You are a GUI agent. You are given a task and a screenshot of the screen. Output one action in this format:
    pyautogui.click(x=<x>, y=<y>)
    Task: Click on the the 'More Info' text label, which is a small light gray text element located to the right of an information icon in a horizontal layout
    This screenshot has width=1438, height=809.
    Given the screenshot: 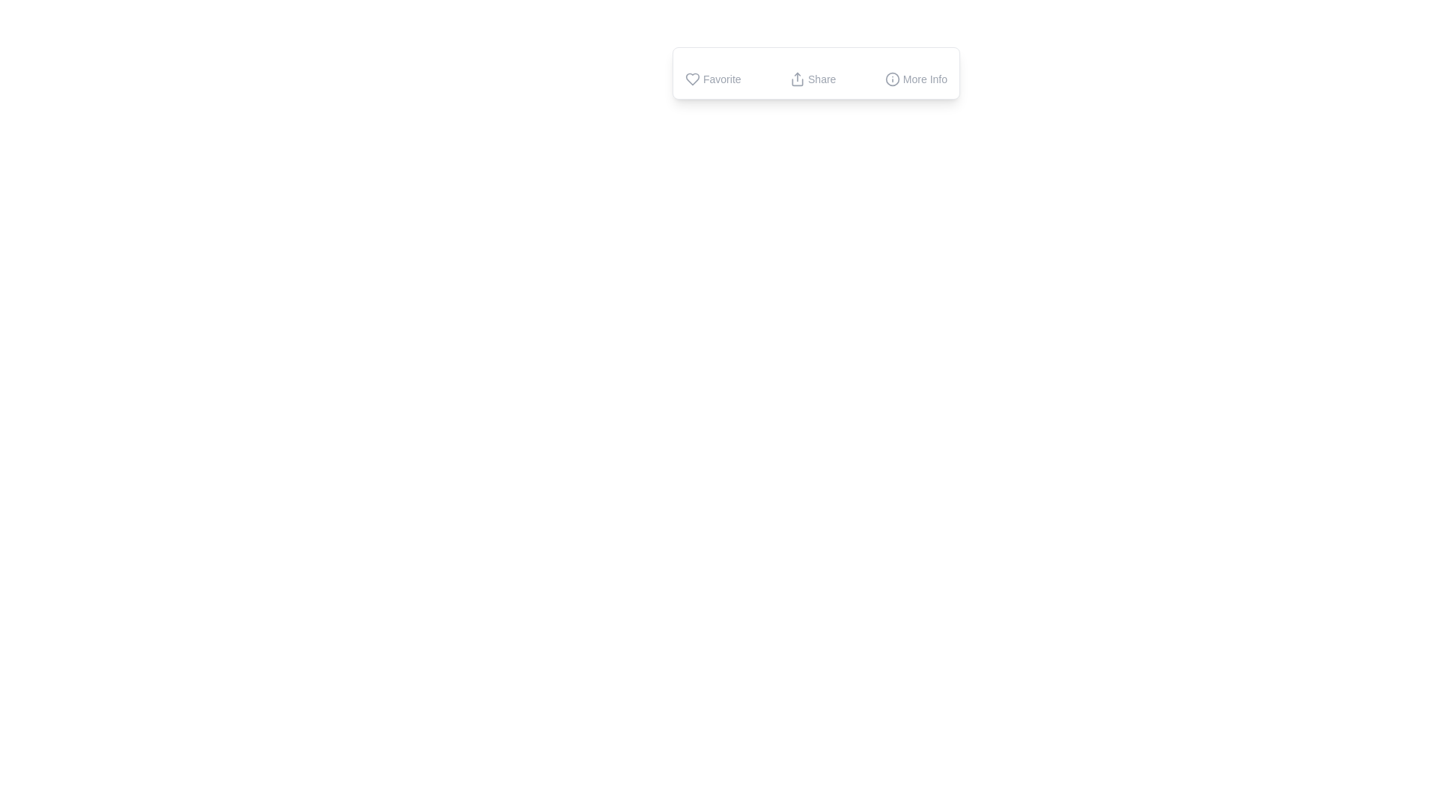 What is the action you would take?
    pyautogui.click(x=924, y=79)
    